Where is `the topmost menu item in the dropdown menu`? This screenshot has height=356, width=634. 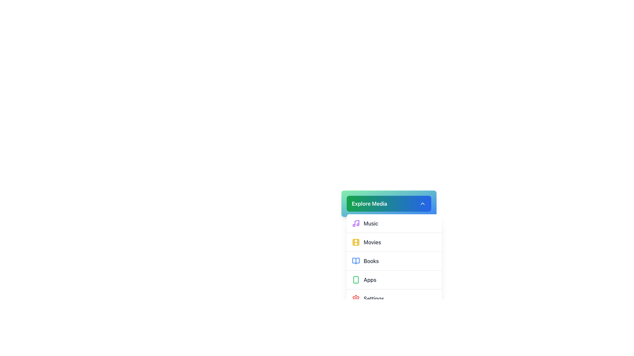
the topmost menu item in the dropdown menu is located at coordinates (394, 223).